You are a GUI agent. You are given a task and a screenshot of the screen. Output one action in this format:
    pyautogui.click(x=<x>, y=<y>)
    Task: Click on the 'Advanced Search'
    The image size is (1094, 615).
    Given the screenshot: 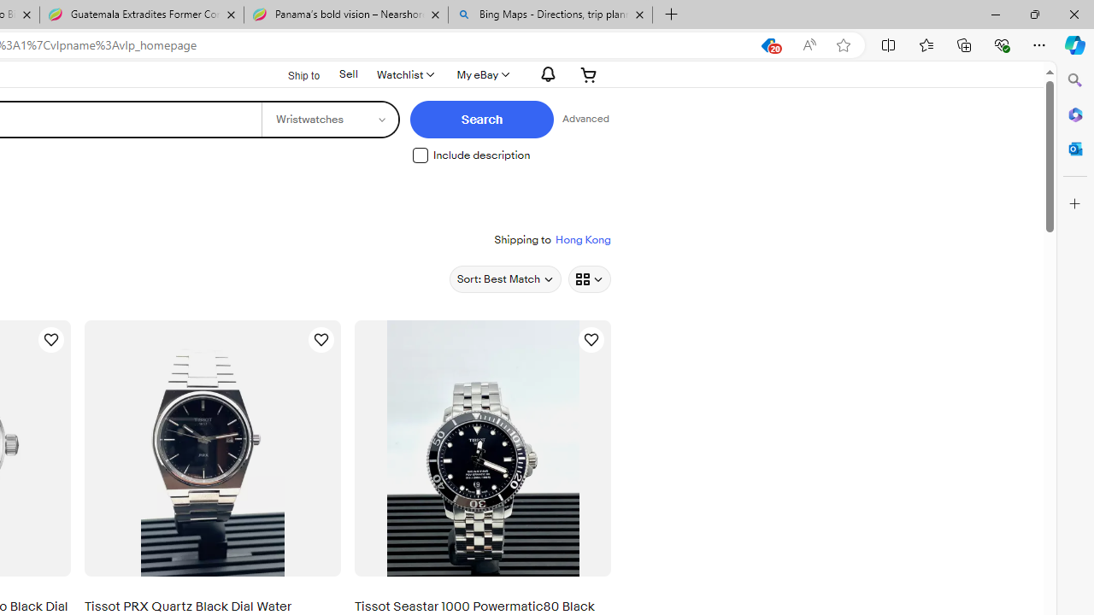 What is the action you would take?
    pyautogui.click(x=580, y=119)
    